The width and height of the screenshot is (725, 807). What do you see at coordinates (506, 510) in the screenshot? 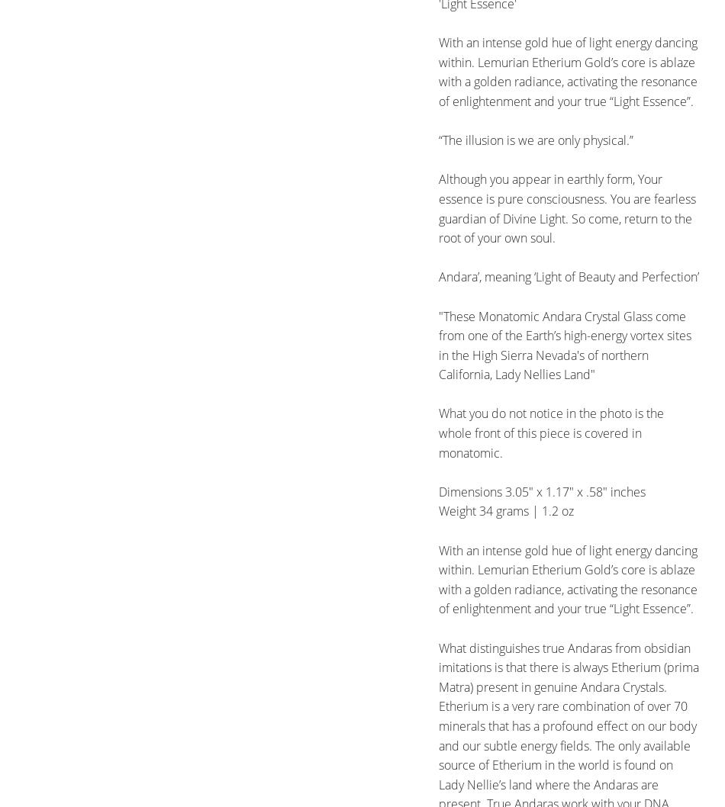
I see `'Weight 34 grams | 1.2 oz'` at bounding box center [506, 510].